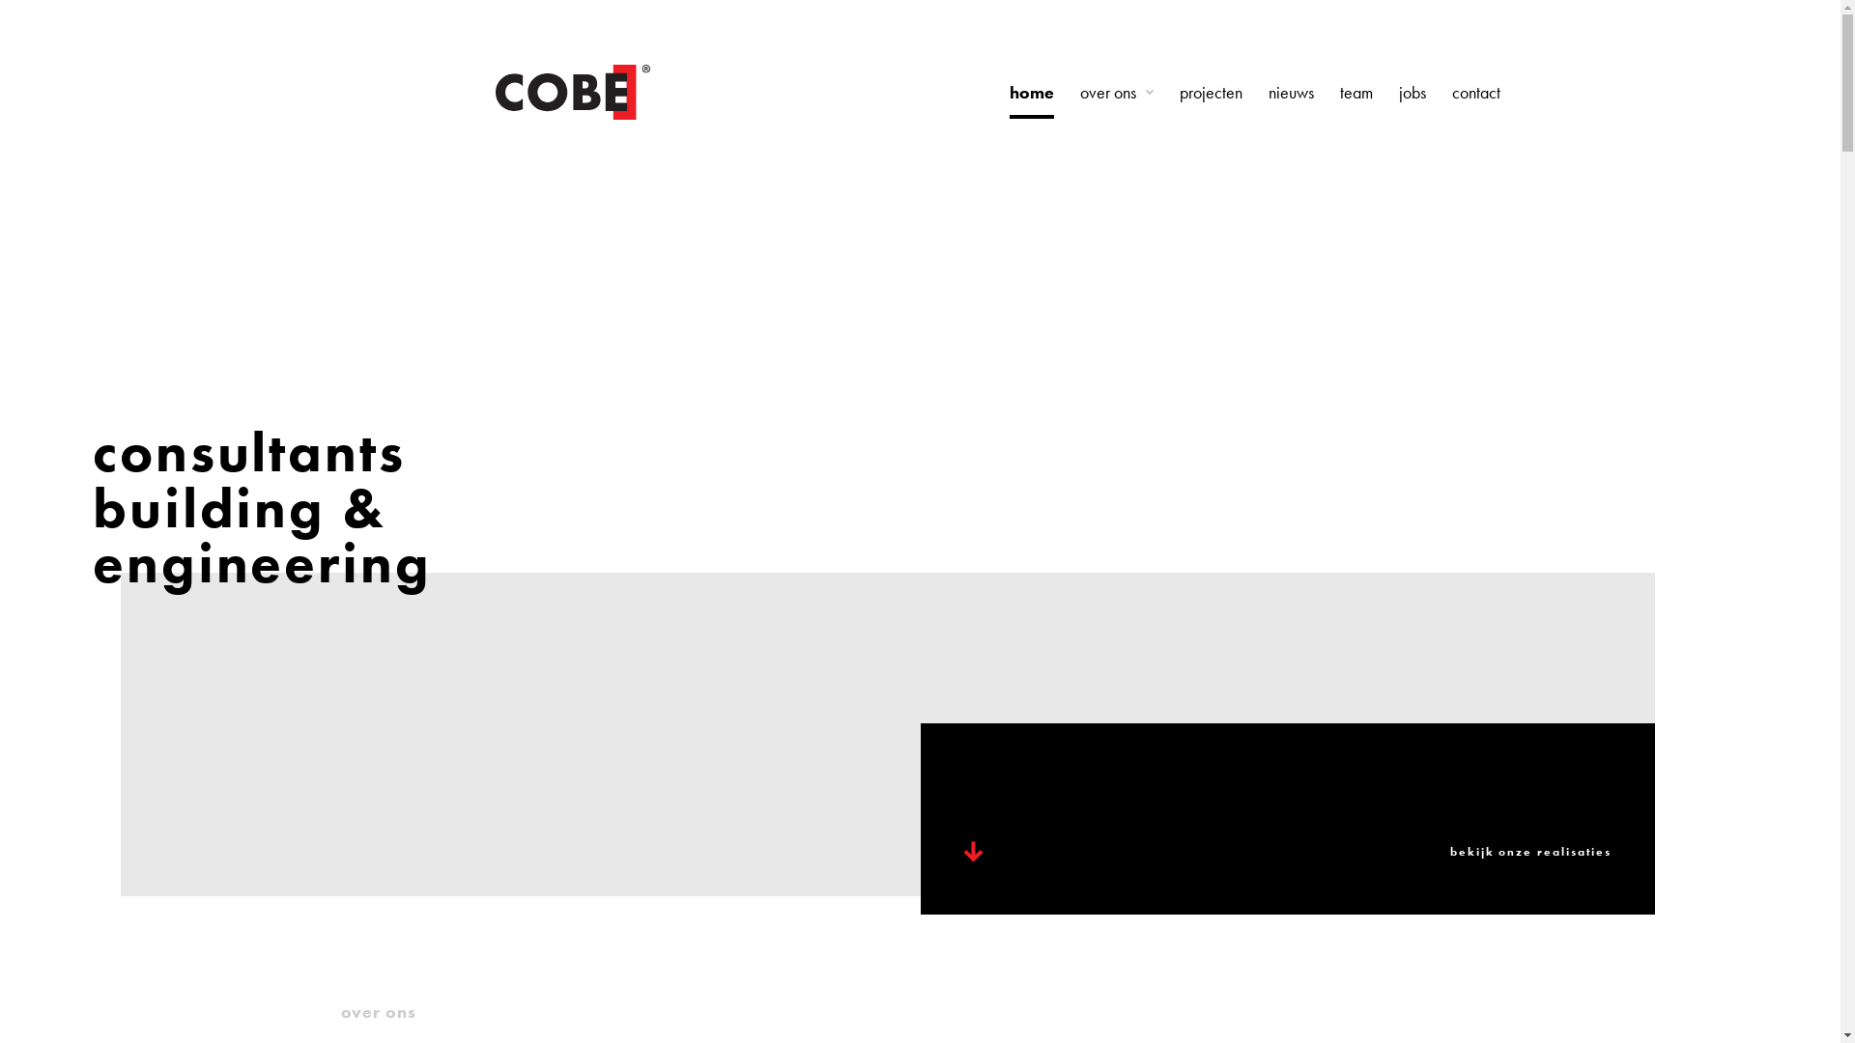 This screenshot has width=1855, height=1043. What do you see at coordinates (1029, 93) in the screenshot?
I see `'home'` at bounding box center [1029, 93].